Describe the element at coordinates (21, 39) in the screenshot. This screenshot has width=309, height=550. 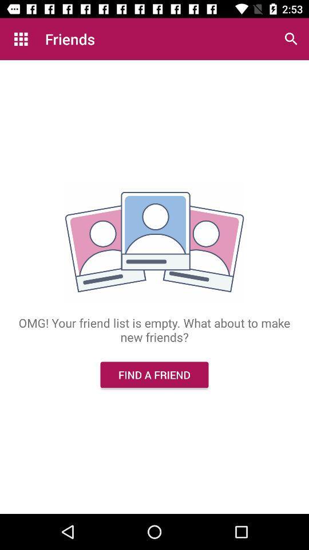
I see `the item next to the friends item` at that location.